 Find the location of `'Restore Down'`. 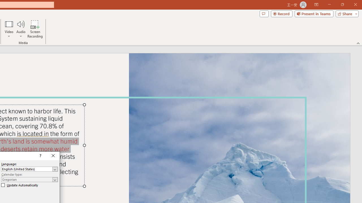

'Restore Down' is located at coordinates (342, 5).